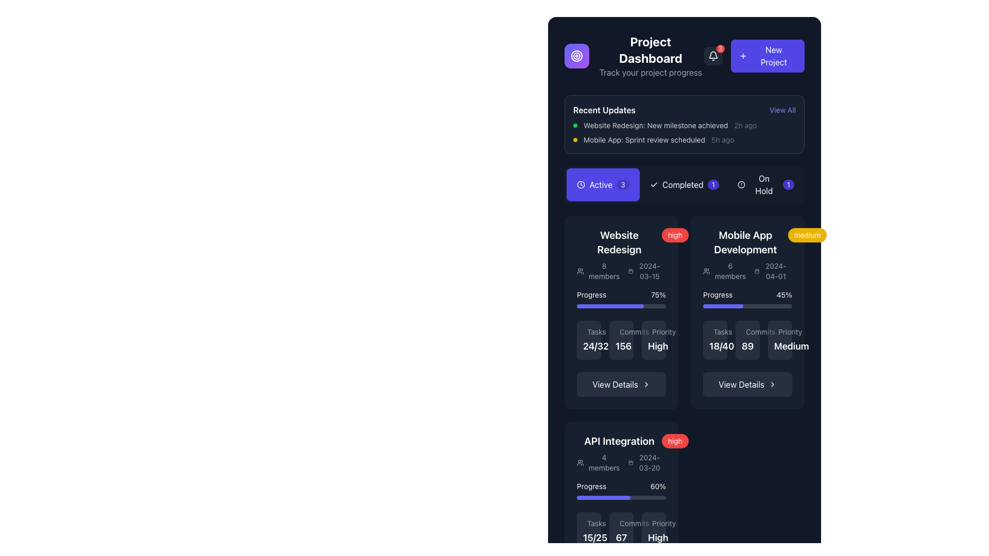 This screenshot has height=556, width=989. What do you see at coordinates (714, 332) in the screenshot?
I see `the 'Tasks' label, which features small gray text and a checkmark icon, positioned at the top left of the 'Mobile App Development' section of the dashboard` at bounding box center [714, 332].